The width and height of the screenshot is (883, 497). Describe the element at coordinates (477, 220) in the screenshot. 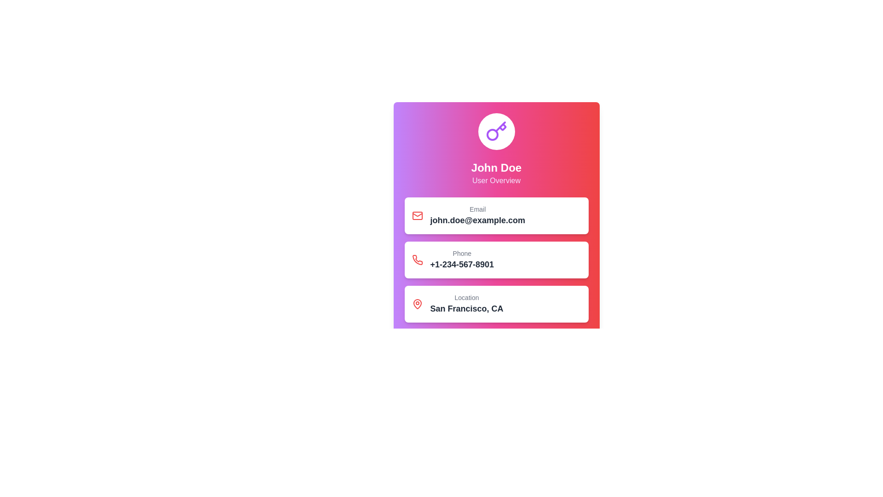

I see `the static text displaying the user's email address, which is positioned below the 'Email' label and is the first content element in a vertical list structure` at that location.